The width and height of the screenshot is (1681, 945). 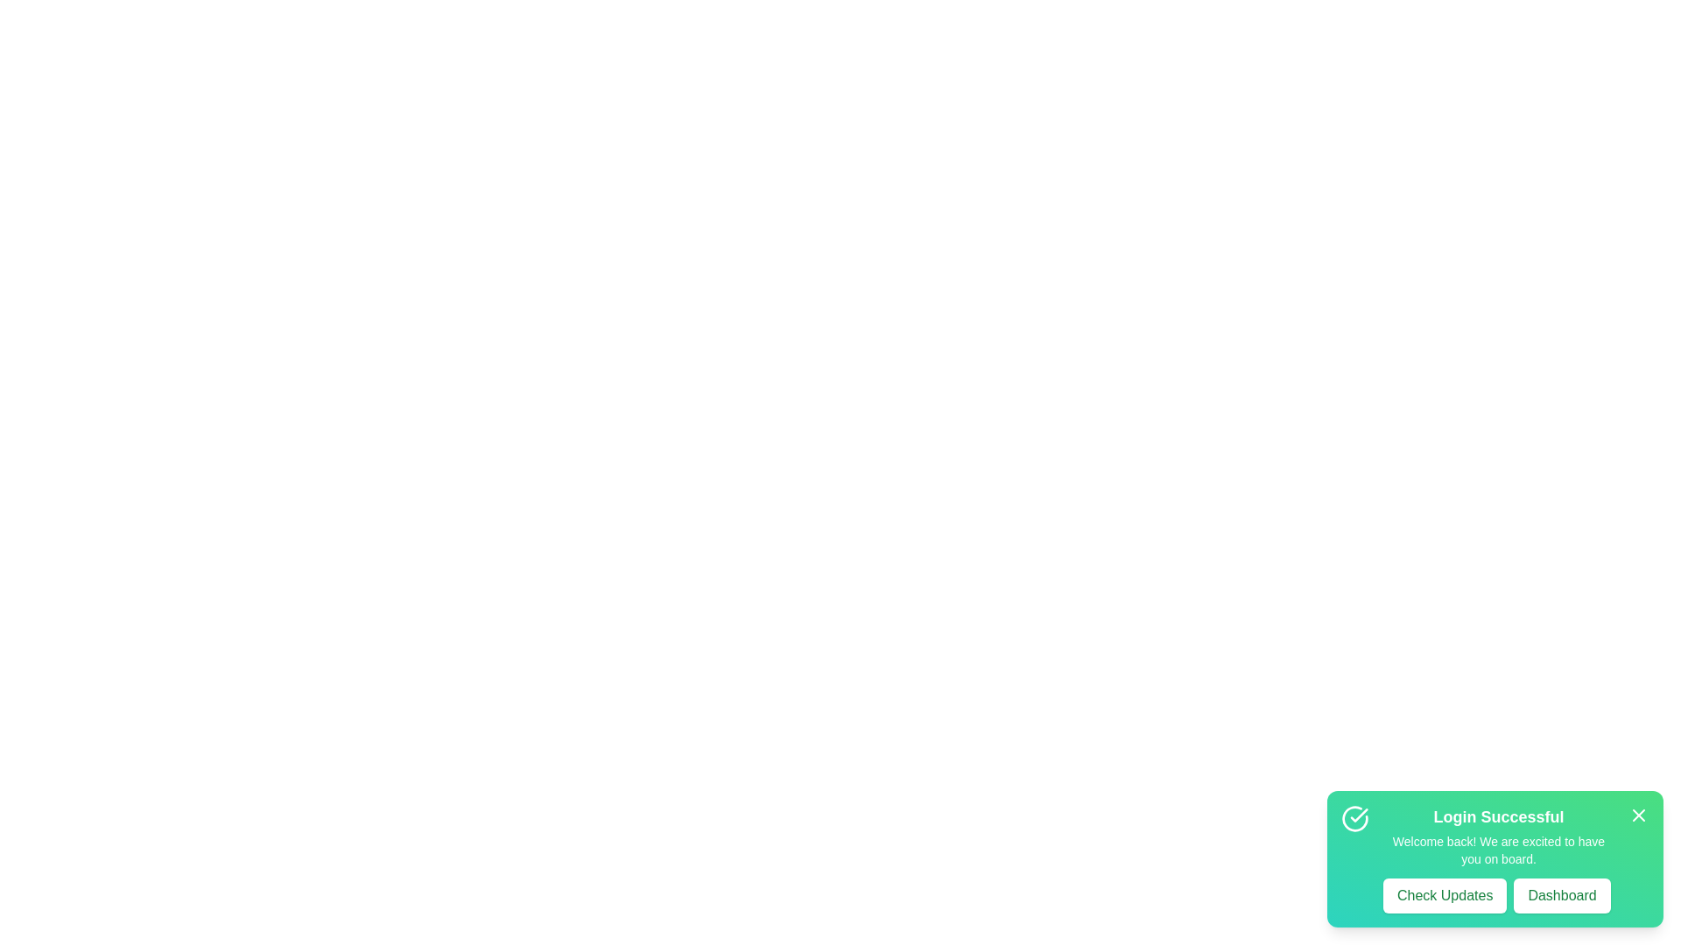 I want to click on close button to dismiss the notification, so click(x=1638, y=815).